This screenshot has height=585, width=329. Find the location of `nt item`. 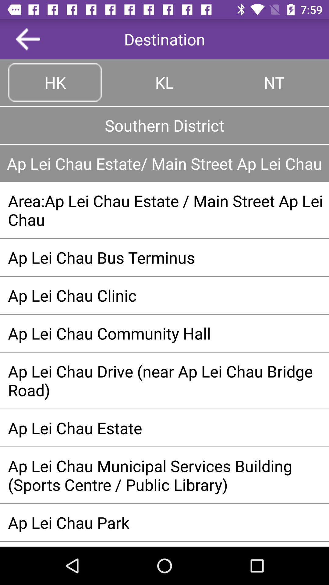

nt item is located at coordinates (274, 82).